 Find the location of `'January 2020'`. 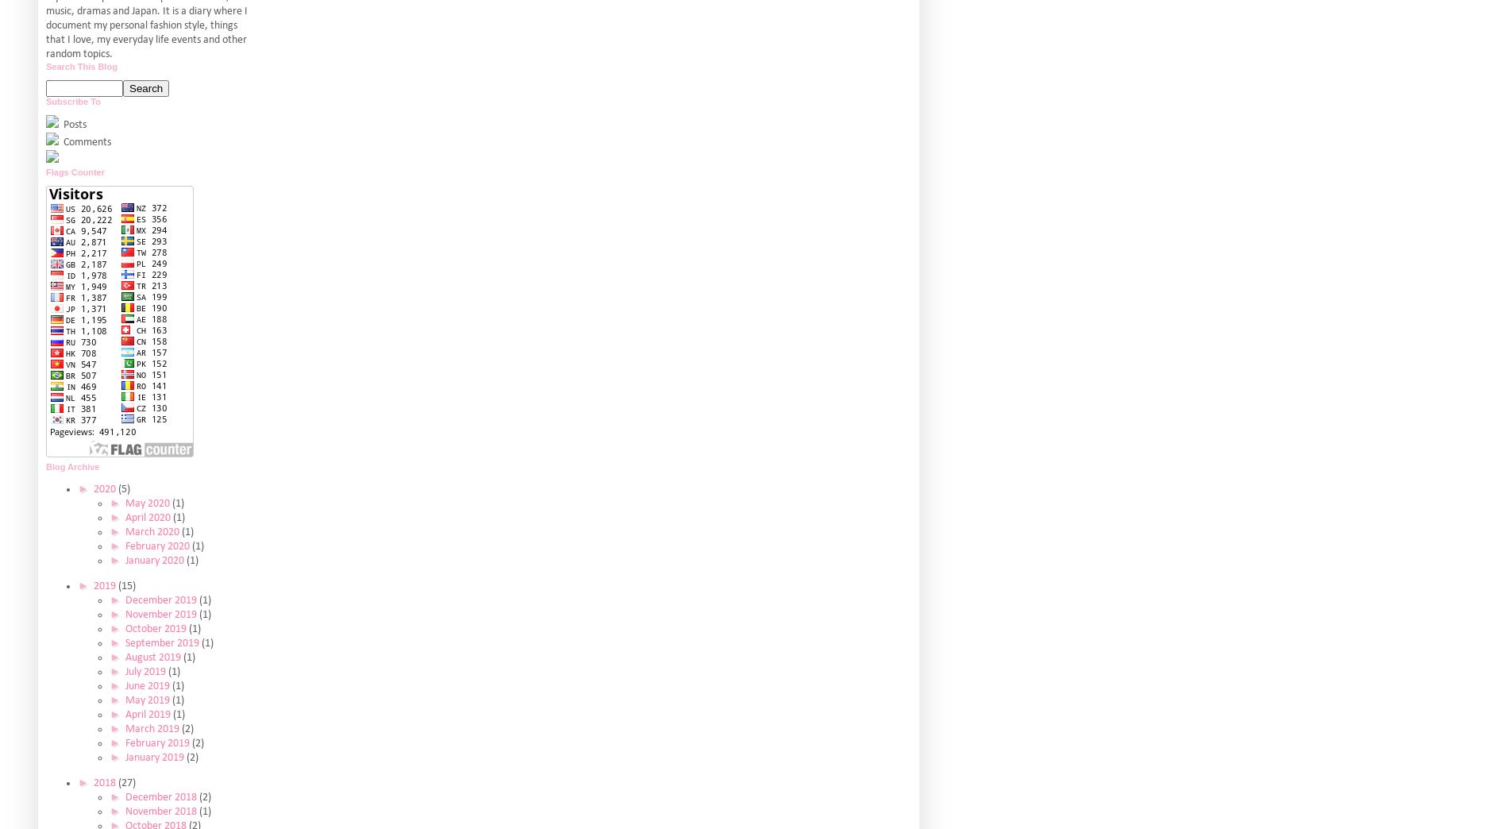

'January 2020' is located at coordinates (154, 559).